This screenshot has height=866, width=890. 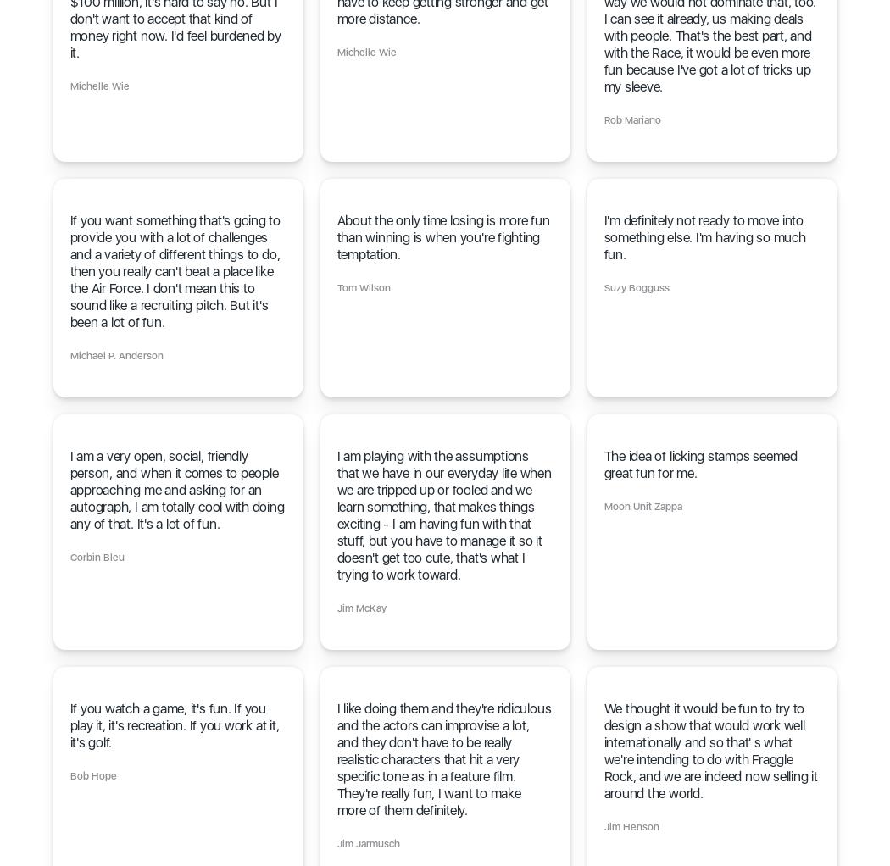 I want to click on 'We thought it would be fun to try to design a show that would work well internationally and so that' s what we're intending to do with Fraggle Rock, and we are indeed now selling it around the world.', so click(x=710, y=750).